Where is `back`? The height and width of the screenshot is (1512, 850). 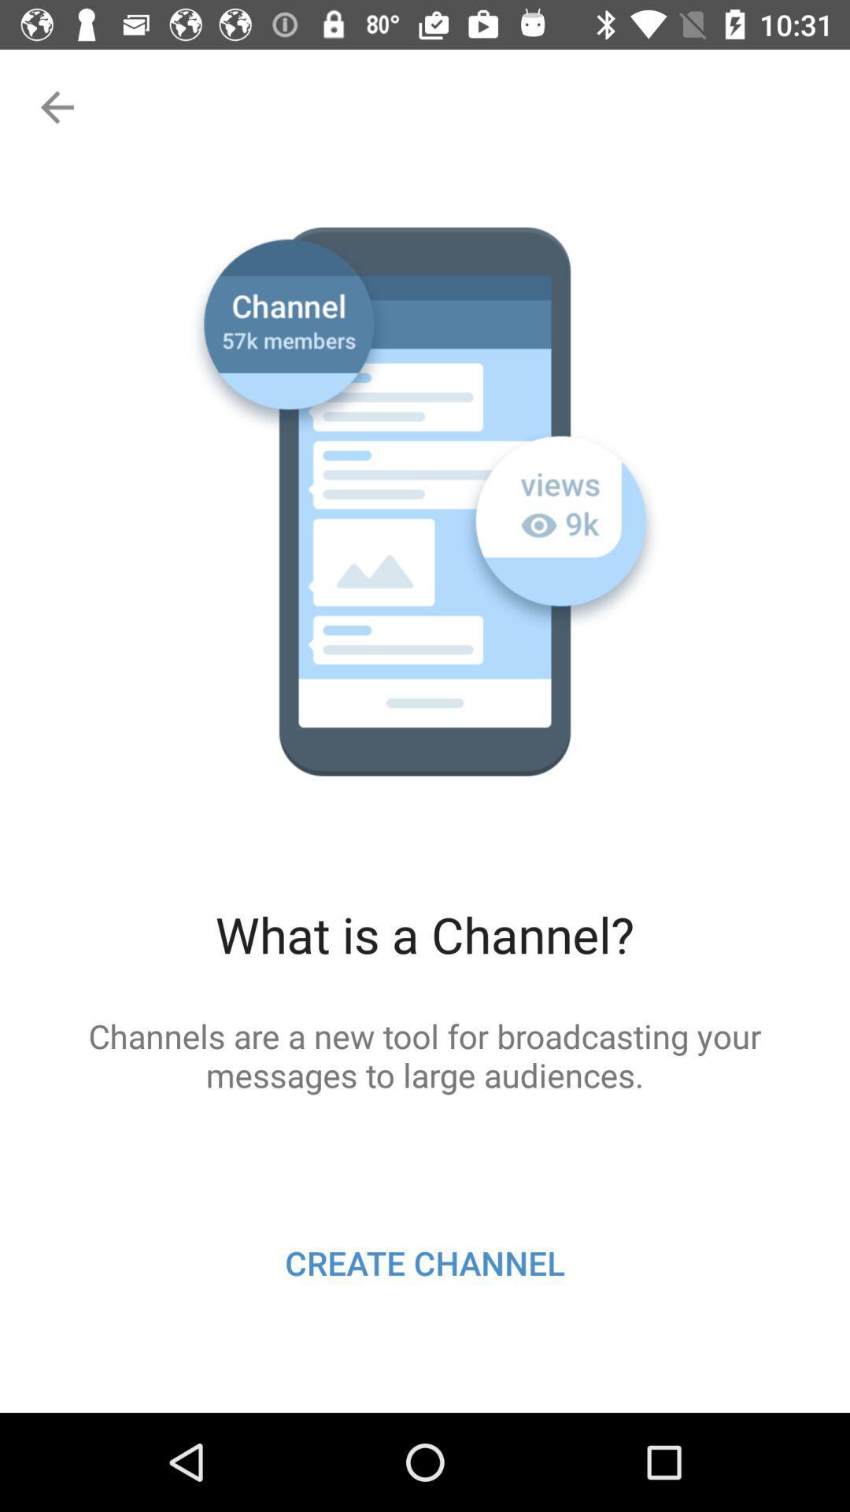 back is located at coordinates (54, 106).